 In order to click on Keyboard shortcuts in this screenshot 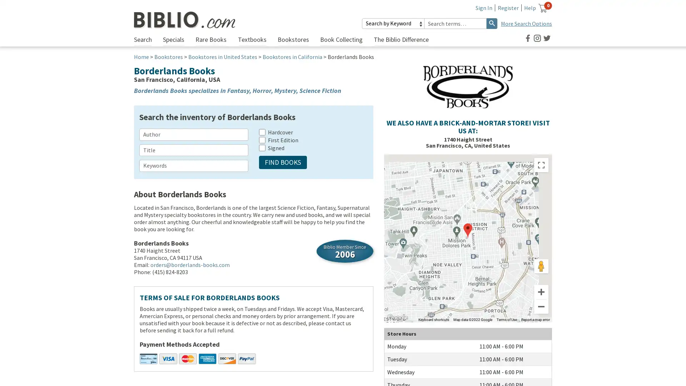, I will do `click(433, 319)`.